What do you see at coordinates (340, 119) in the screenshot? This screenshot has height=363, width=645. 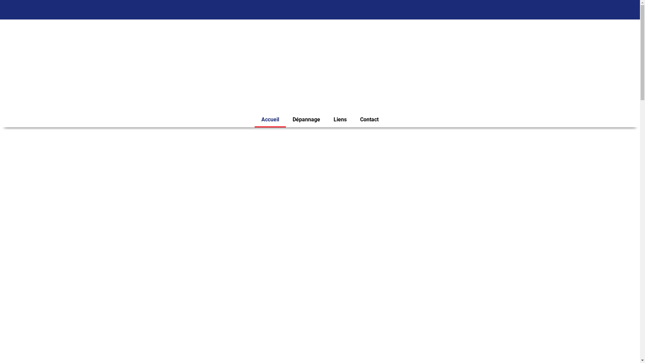 I see `'Liens'` at bounding box center [340, 119].